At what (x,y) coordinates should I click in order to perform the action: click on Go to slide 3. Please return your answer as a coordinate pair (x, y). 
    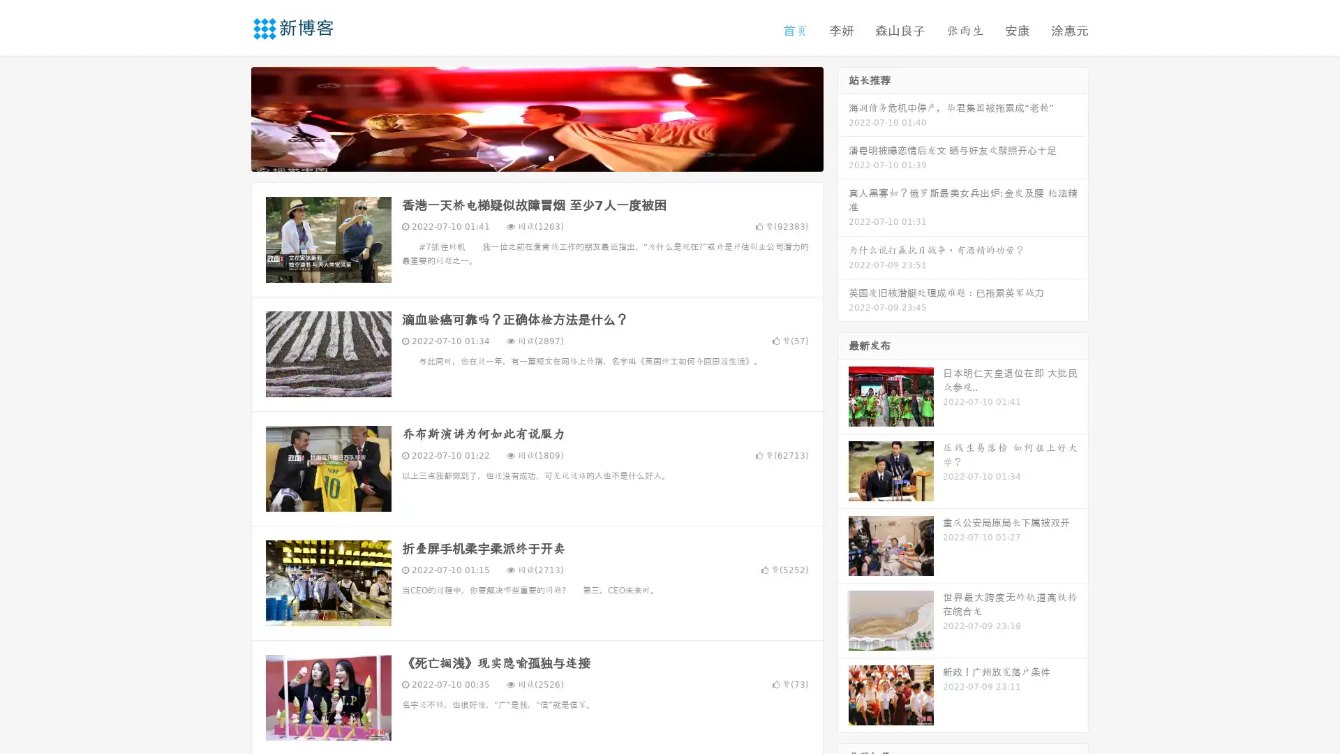
    Looking at the image, I should click on (551, 157).